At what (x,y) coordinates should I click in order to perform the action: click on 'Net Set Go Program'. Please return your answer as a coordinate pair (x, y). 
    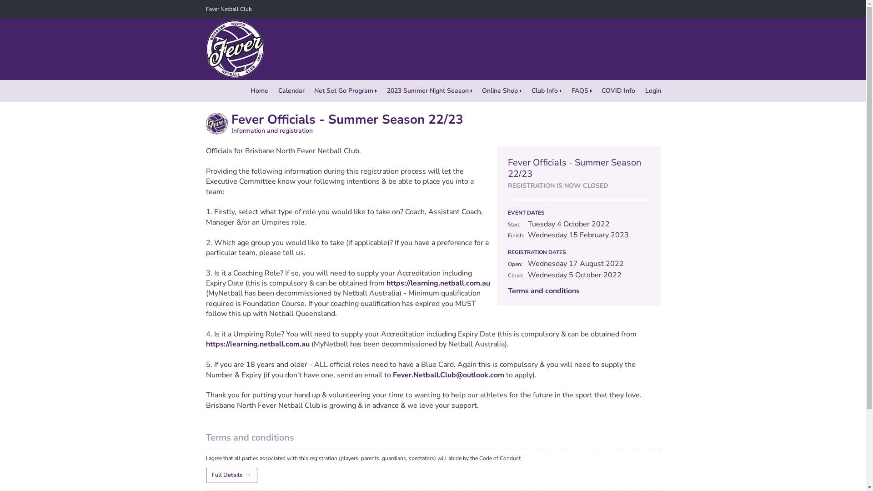
    Looking at the image, I should click on (345, 91).